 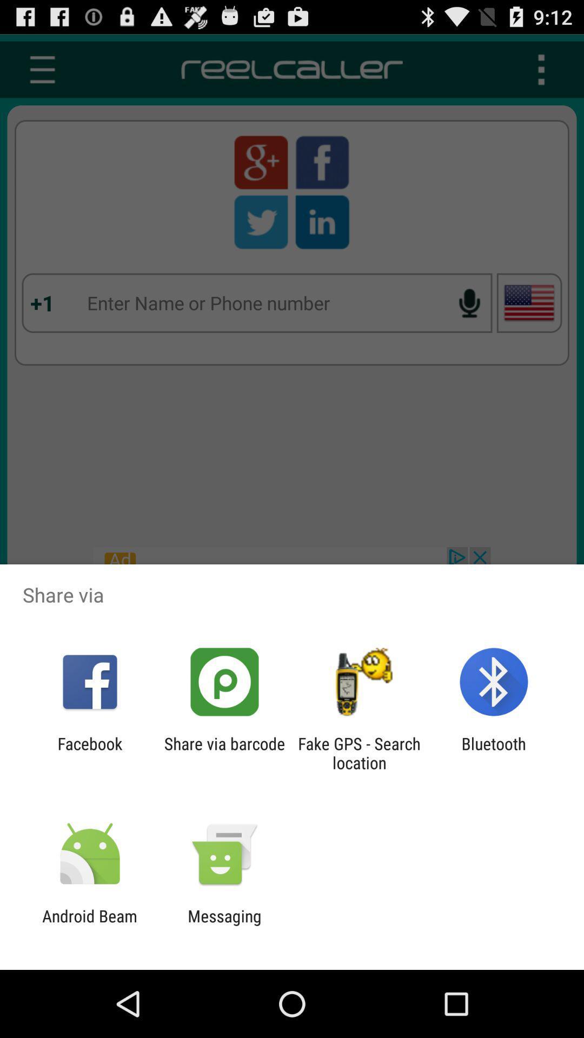 I want to click on app to the left of share via barcode app, so click(x=89, y=753).